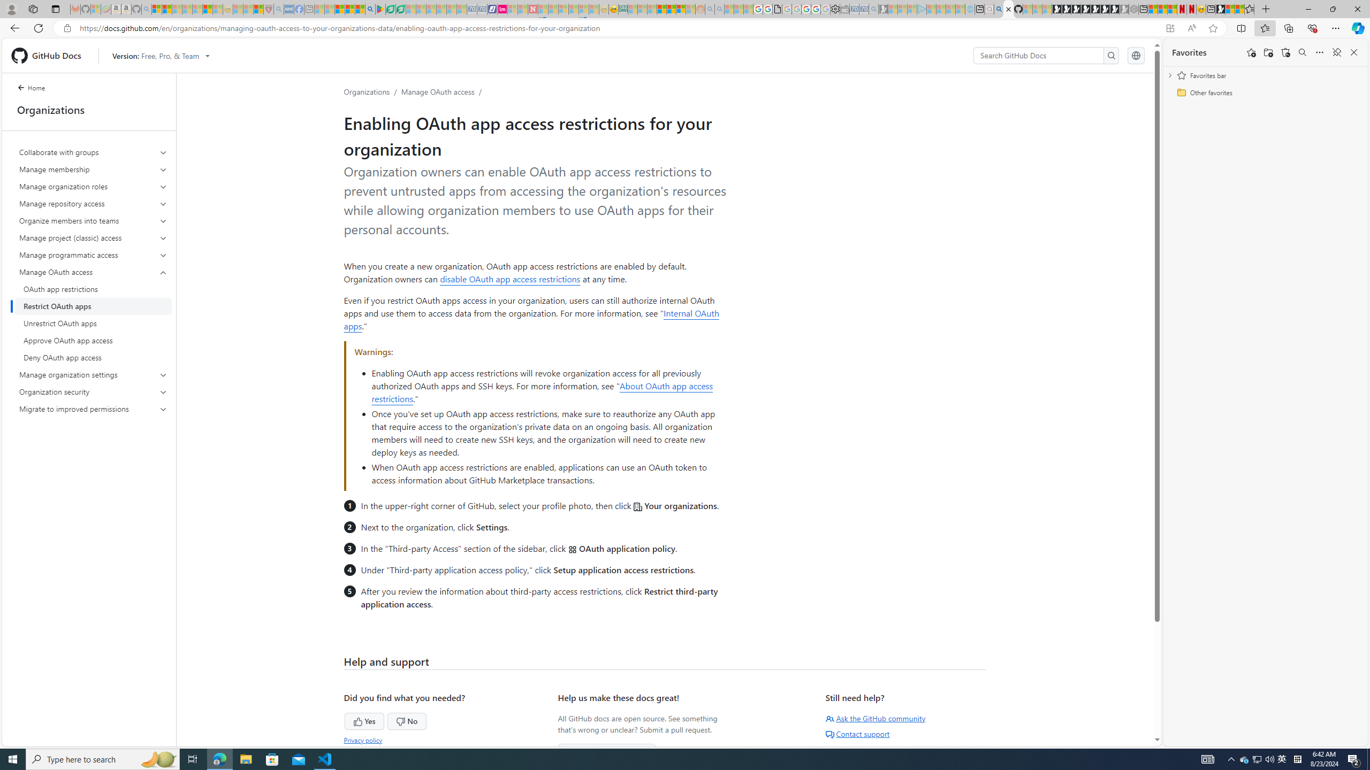 Image resolution: width=1370 pixels, height=770 pixels. What do you see at coordinates (93, 289) in the screenshot?
I see `'OAuth app restrictions'` at bounding box center [93, 289].